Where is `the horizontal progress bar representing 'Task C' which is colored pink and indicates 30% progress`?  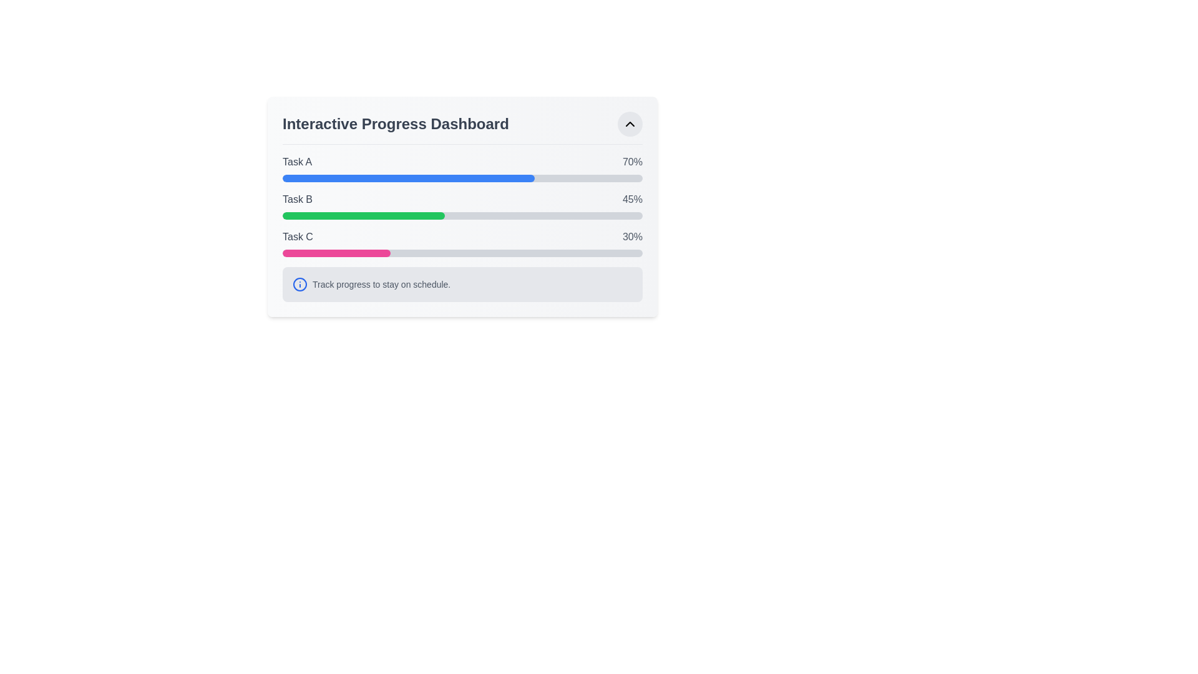
the horizontal progress bar representing 'Task C' which is colored pink and indicates 30% progress is located at coordinates (462, 253).